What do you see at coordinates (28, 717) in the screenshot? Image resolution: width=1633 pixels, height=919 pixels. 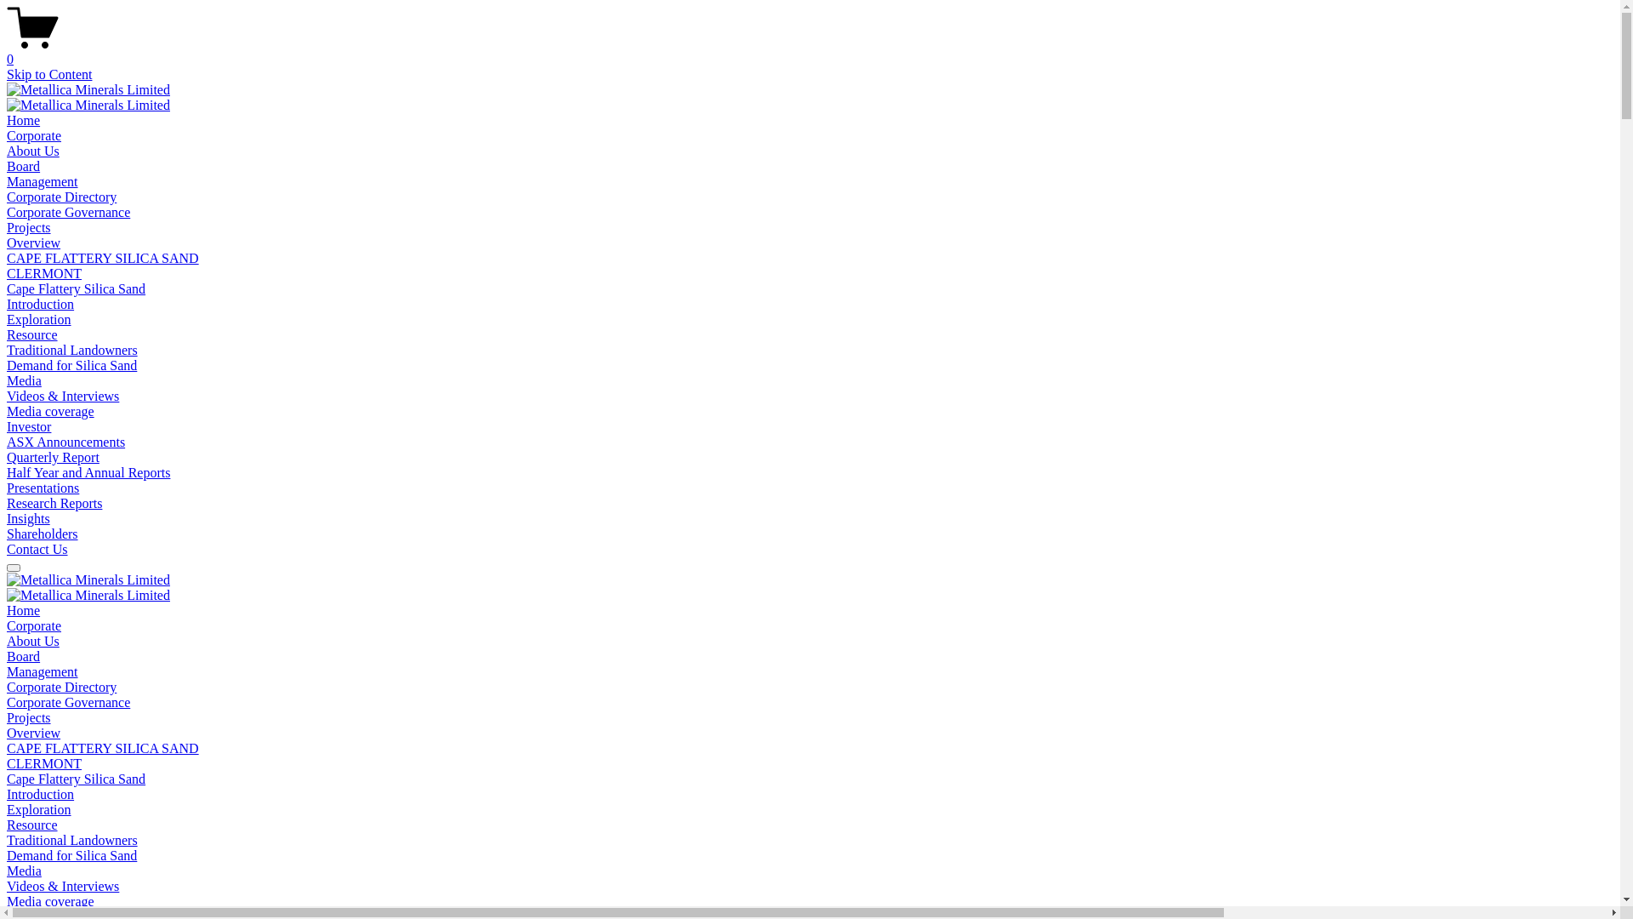 I see `'Projects'` at bounding box center [28, 717].